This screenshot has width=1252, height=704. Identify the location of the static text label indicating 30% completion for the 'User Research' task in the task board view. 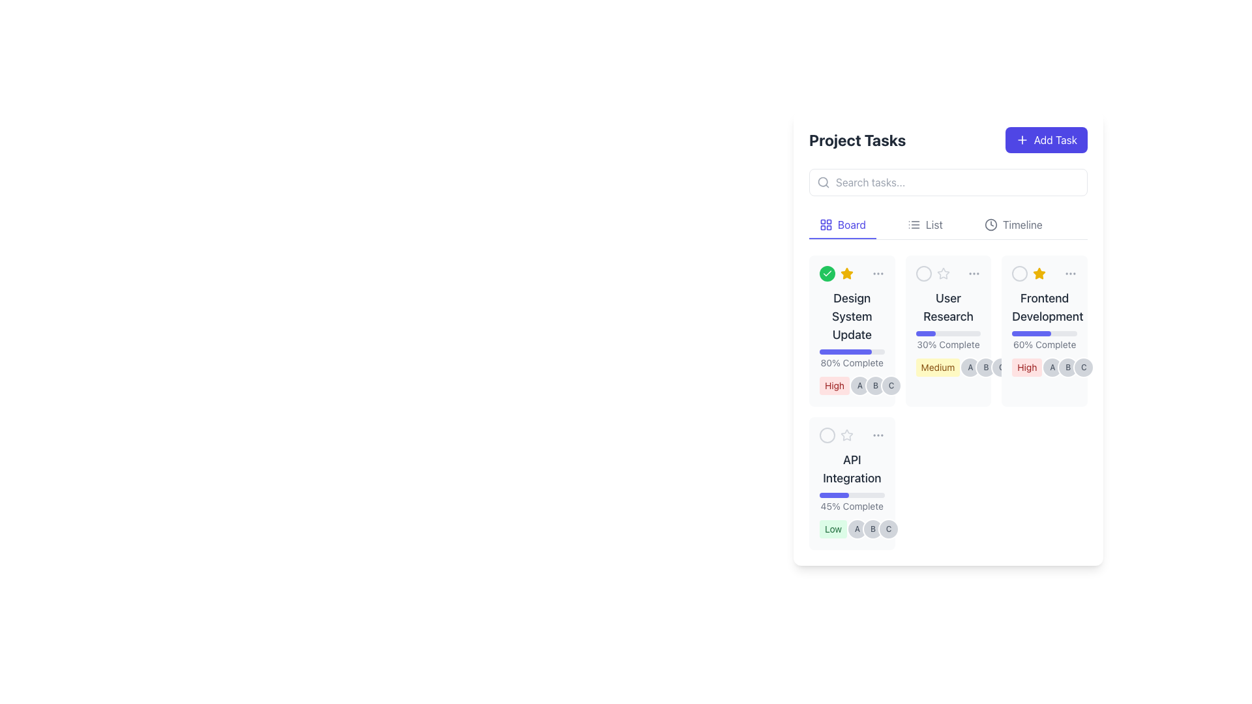
(948, 341).